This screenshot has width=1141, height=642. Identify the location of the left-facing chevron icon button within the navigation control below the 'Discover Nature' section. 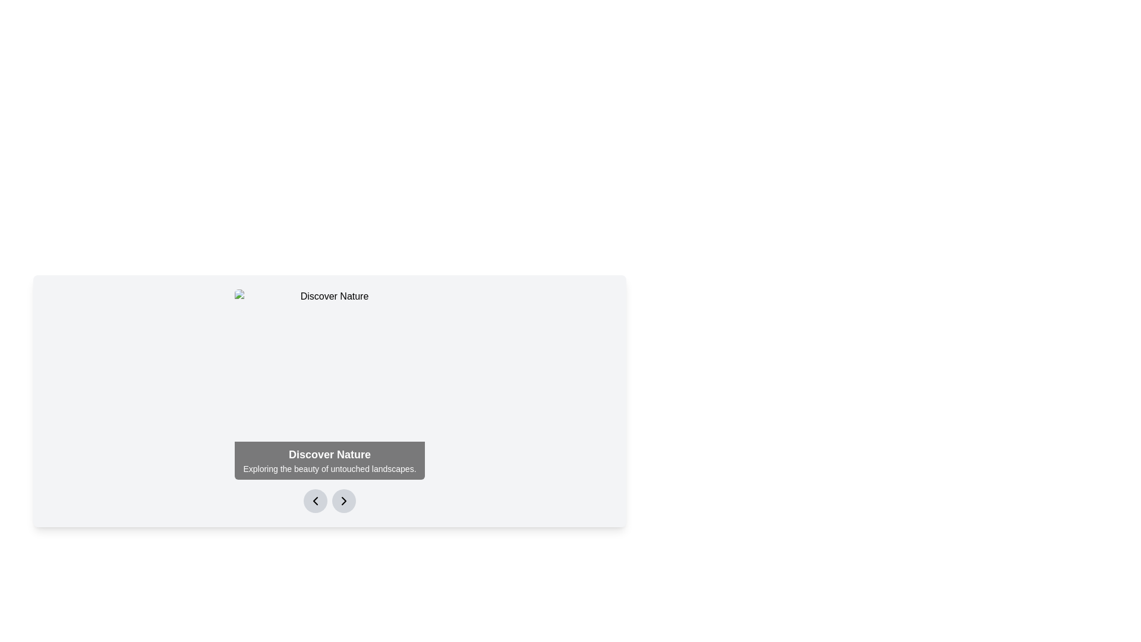
(316, 501).